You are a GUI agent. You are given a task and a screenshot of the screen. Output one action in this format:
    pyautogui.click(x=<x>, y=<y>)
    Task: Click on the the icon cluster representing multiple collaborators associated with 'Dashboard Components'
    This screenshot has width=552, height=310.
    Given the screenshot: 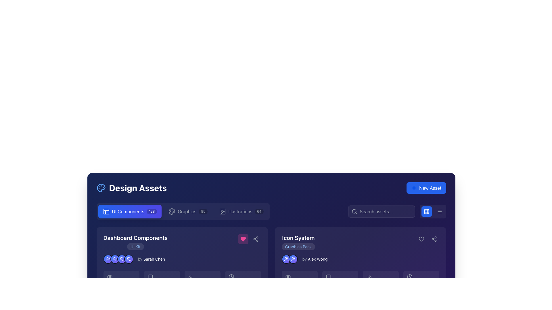 What is the action you would take?
    pyautogui.click(x=118, y=259)
    